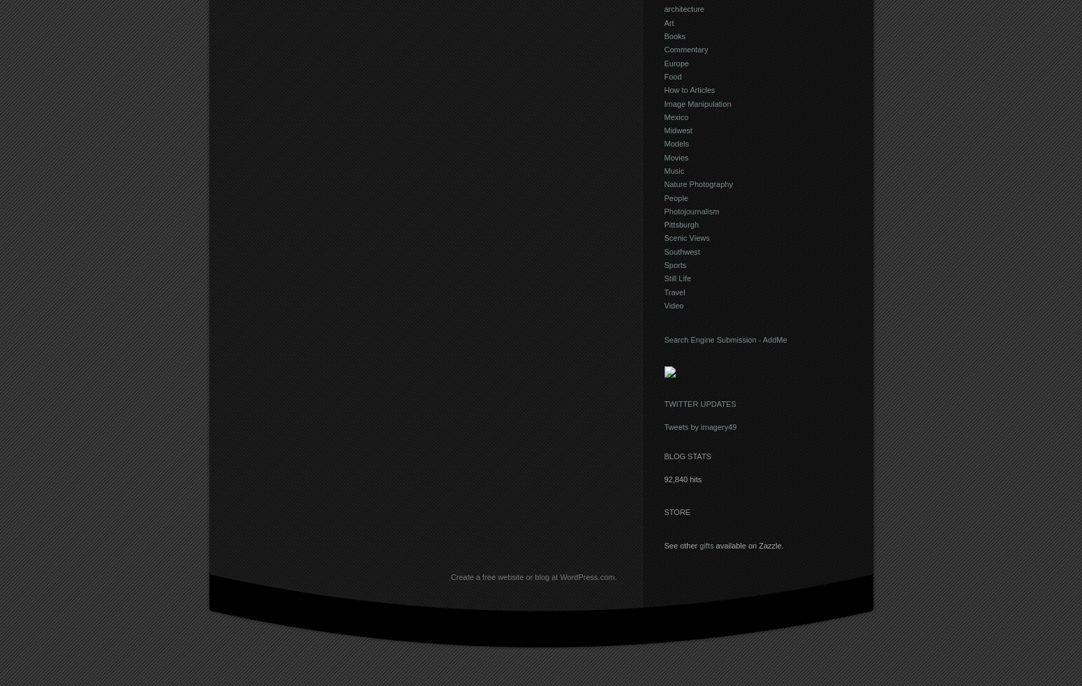  I want to click on 'architecture', so click(683, 8).